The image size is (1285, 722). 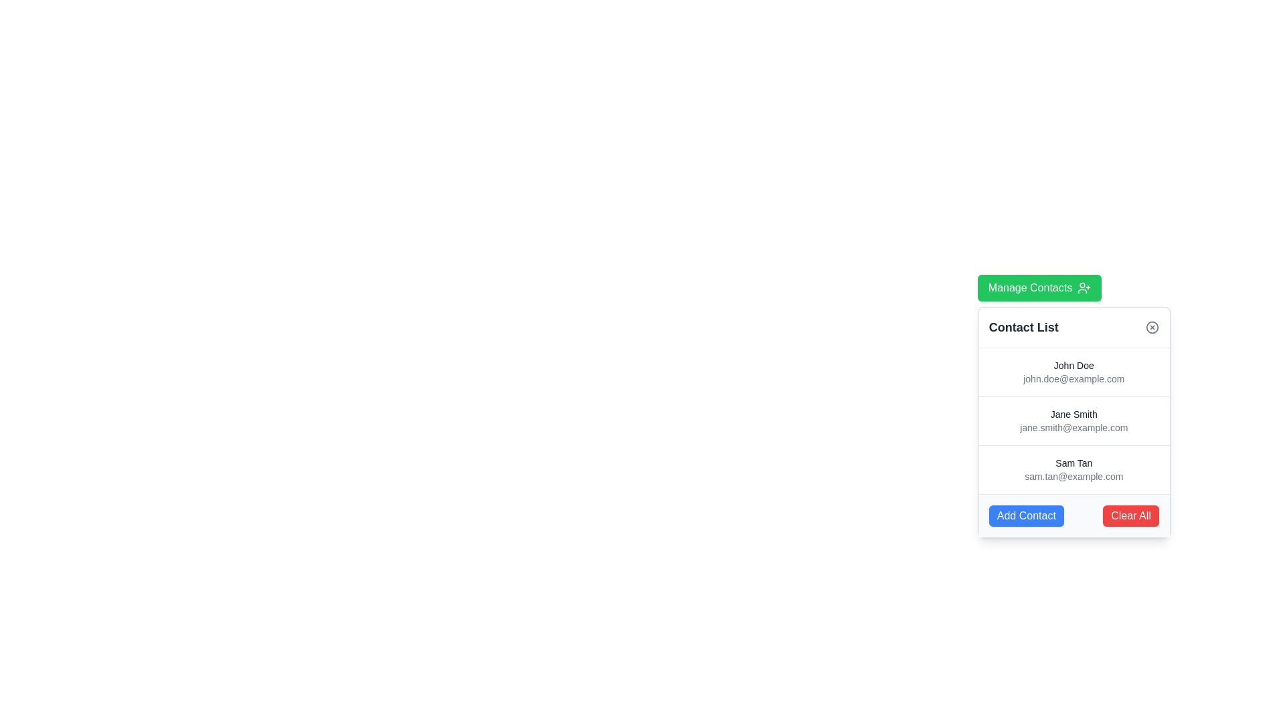 What do you see at coordinates (1151, 327) in the screenshot?
I see `the circular outline of the 'X' icon located in the top-right corner of the 'Contact List' card` at bounding box center [1151, 327].